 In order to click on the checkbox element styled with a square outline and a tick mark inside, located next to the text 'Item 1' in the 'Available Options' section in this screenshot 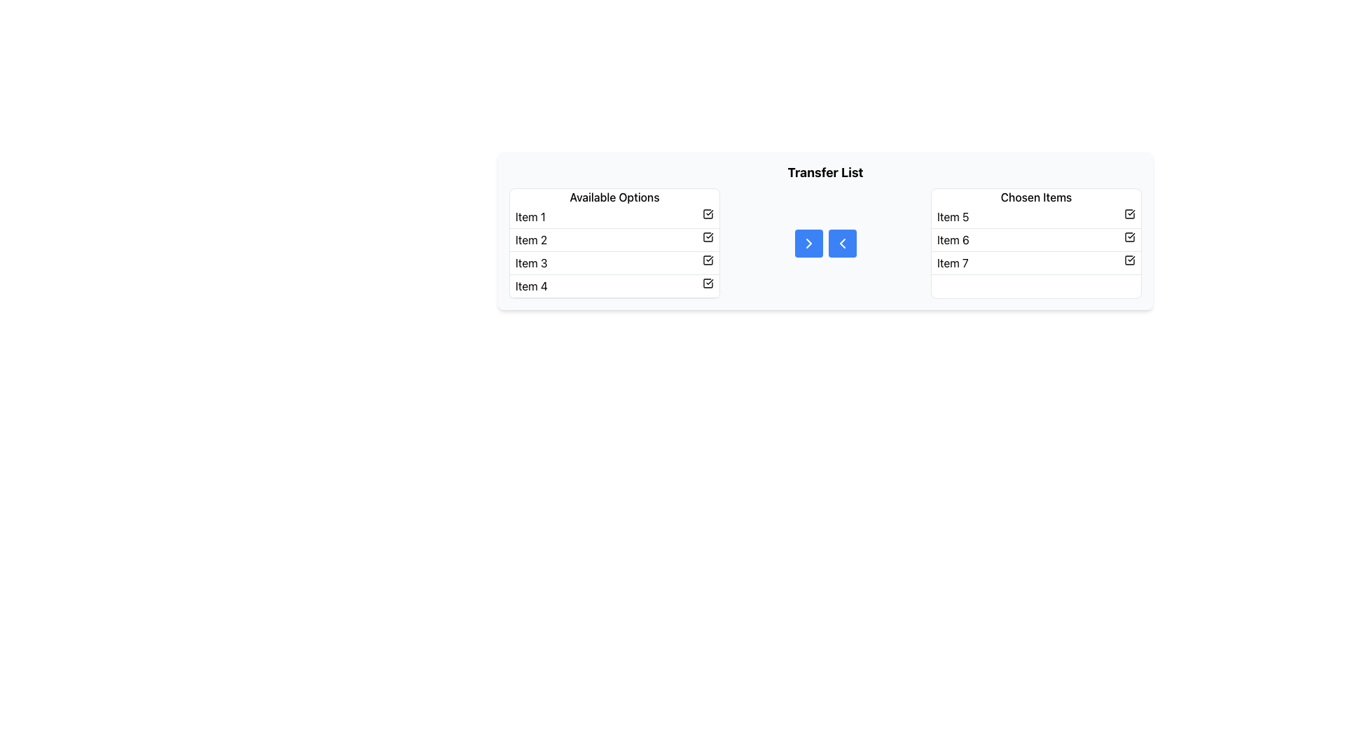, I will do `click(708, 213)`.